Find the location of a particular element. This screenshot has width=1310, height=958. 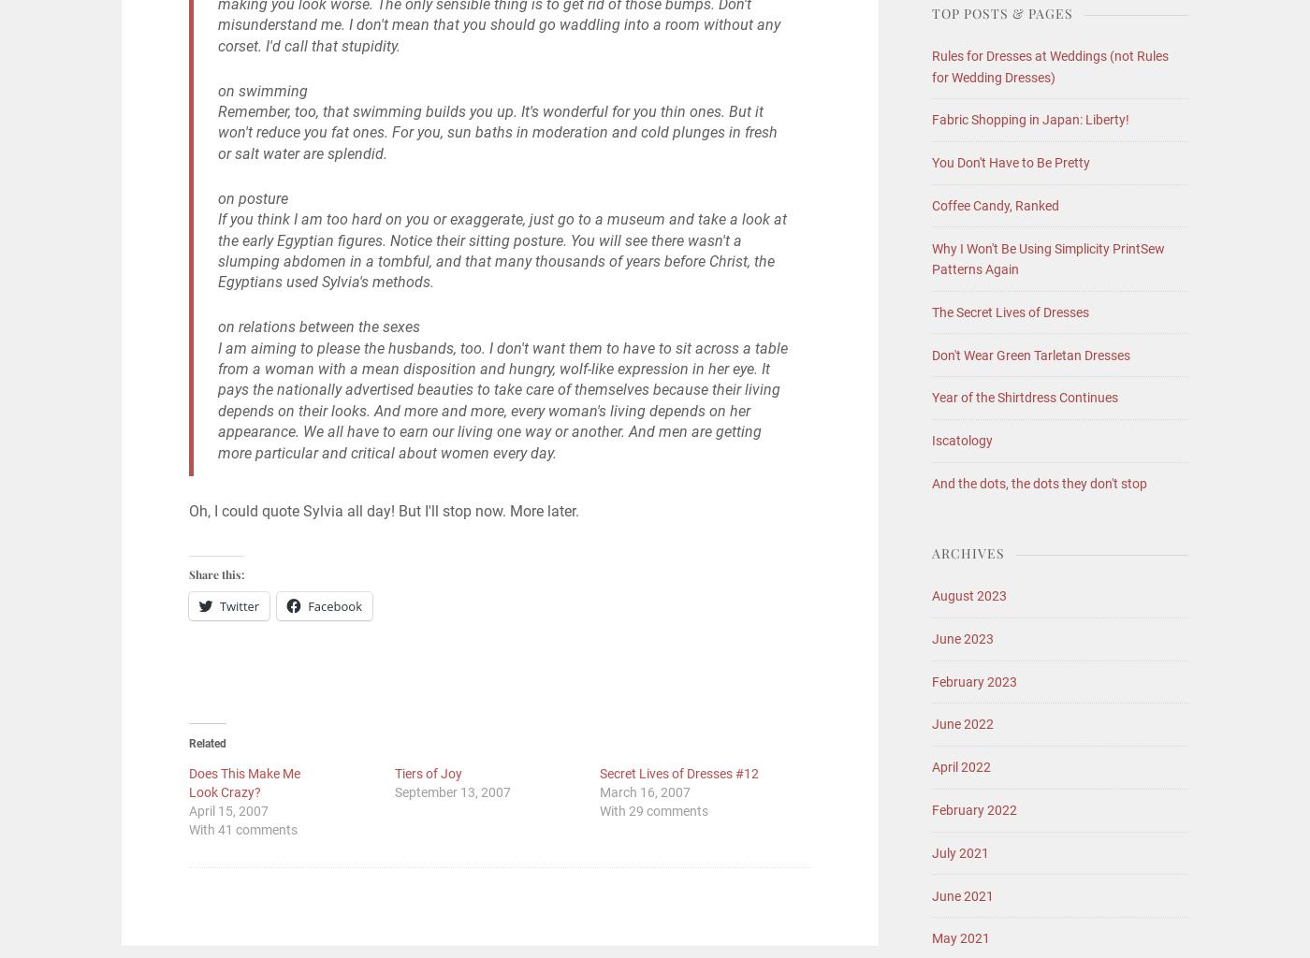

'July 2021' is located at coordinates (960, 850).